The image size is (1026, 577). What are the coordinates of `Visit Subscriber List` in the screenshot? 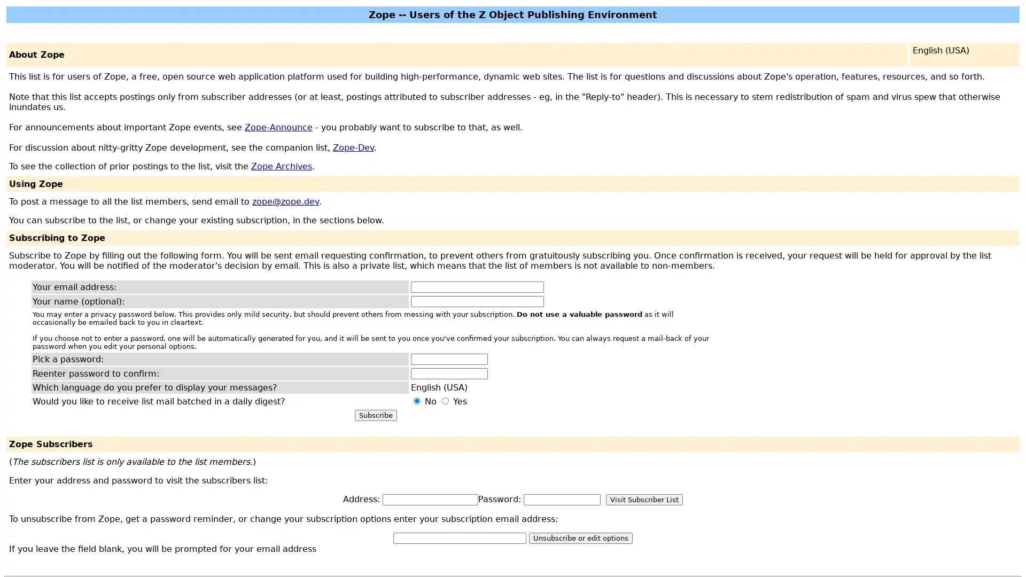 It's located at (643, 500).